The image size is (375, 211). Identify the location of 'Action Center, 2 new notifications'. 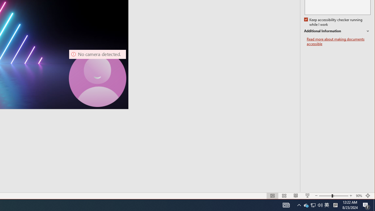
(366, 205).